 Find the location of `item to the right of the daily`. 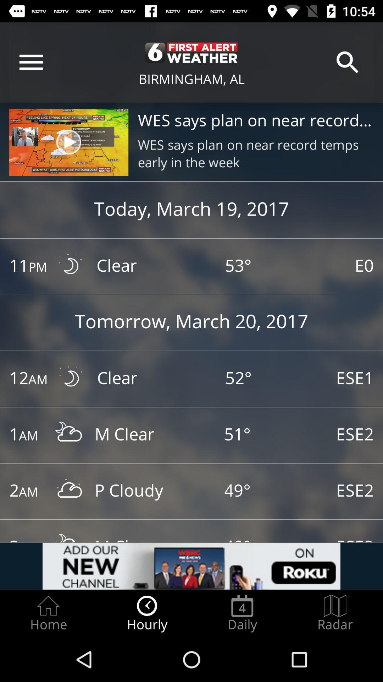

item to the right of the daily is located at coordinates (335, 613).